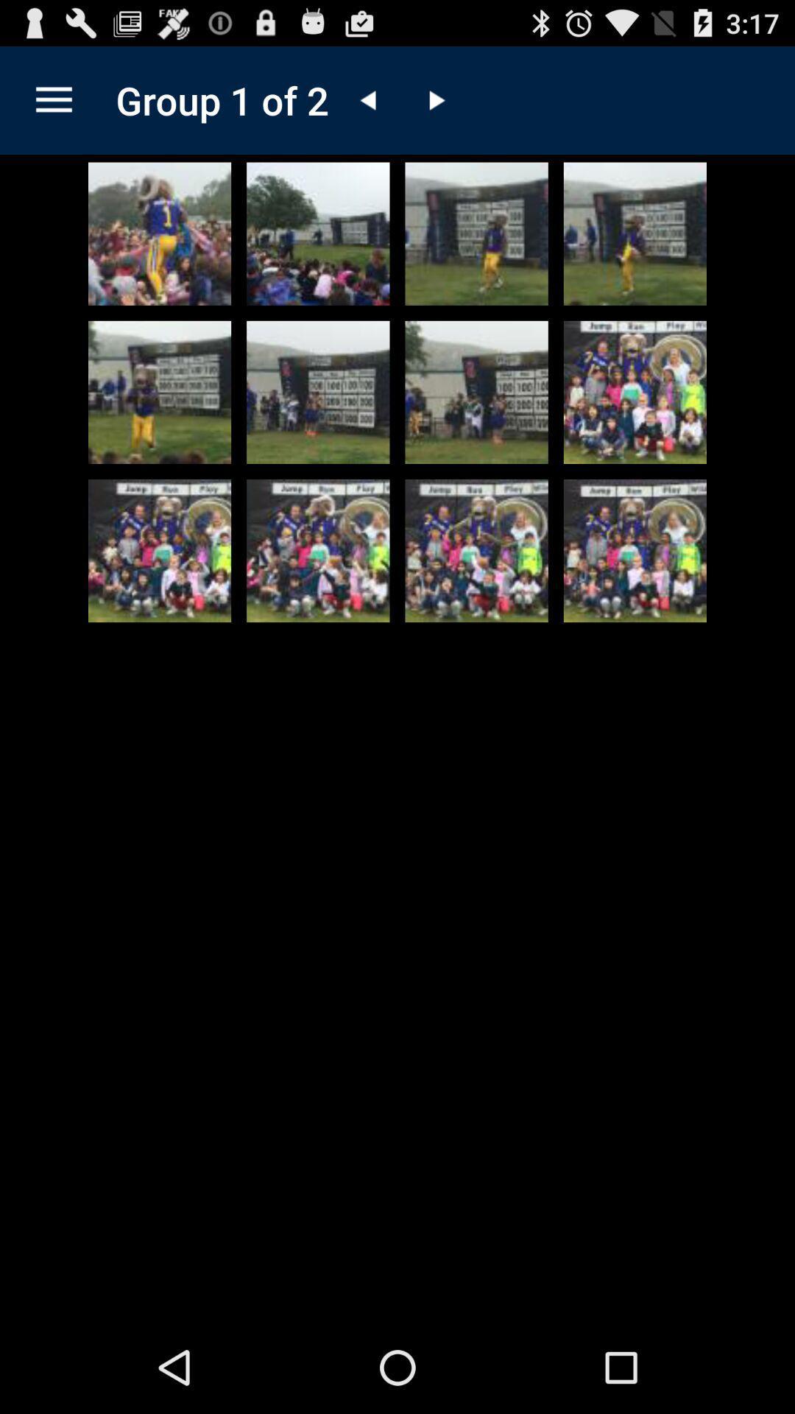  What do you see at coordinates (476, 392) in the screenshot?
I see `picture` at bounding box center [476, 392].